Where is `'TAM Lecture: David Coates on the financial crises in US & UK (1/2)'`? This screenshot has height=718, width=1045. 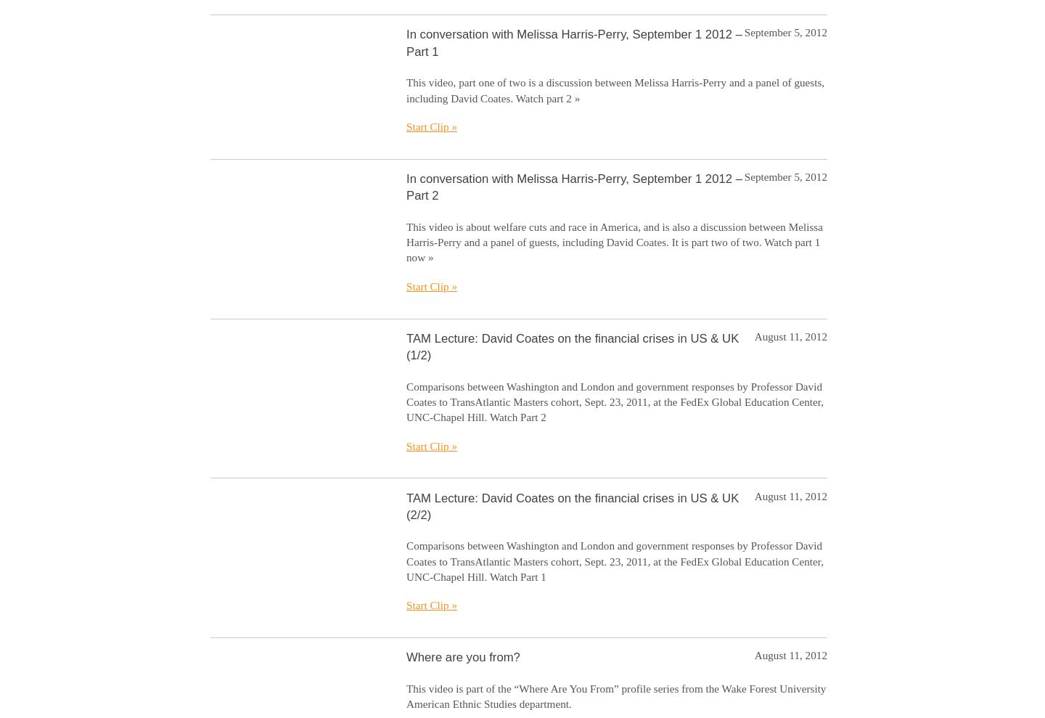 'TAM Lecture: David Coates on the financial crises in US & UK (1/2)' is located at coordinates (572, 346).